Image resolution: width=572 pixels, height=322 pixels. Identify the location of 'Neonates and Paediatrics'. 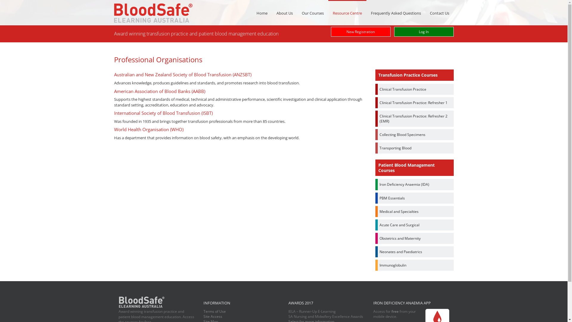
(414, 252).